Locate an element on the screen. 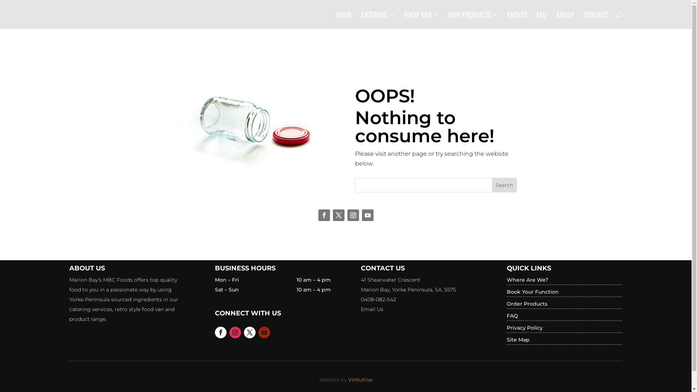  'HOME' is located at coordinates (343, 20).